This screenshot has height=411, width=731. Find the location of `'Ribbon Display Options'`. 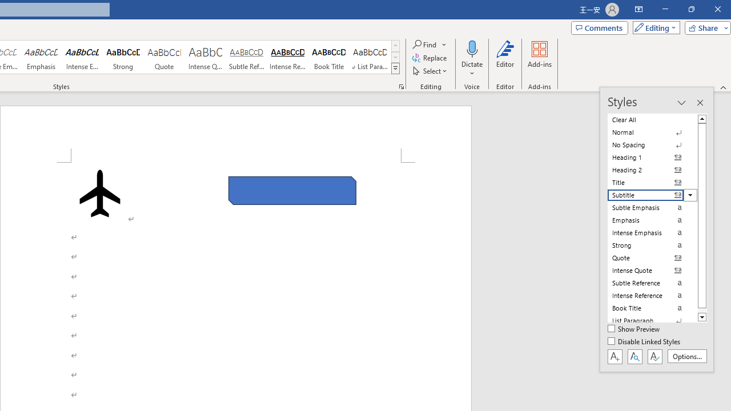

'Ribbon Display Options' is located at coordinates (638, 9).